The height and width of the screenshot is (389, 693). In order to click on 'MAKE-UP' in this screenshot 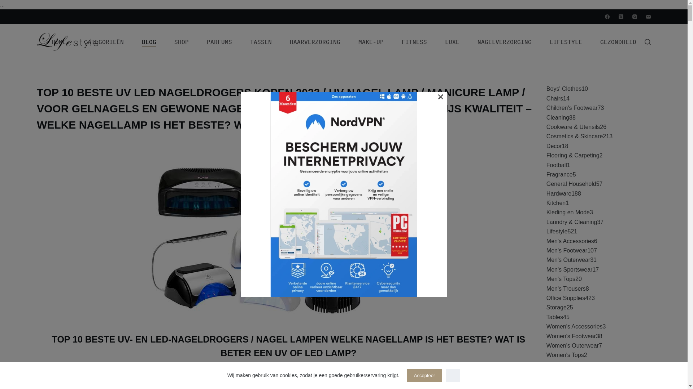, I will do `click(371, 41)`.